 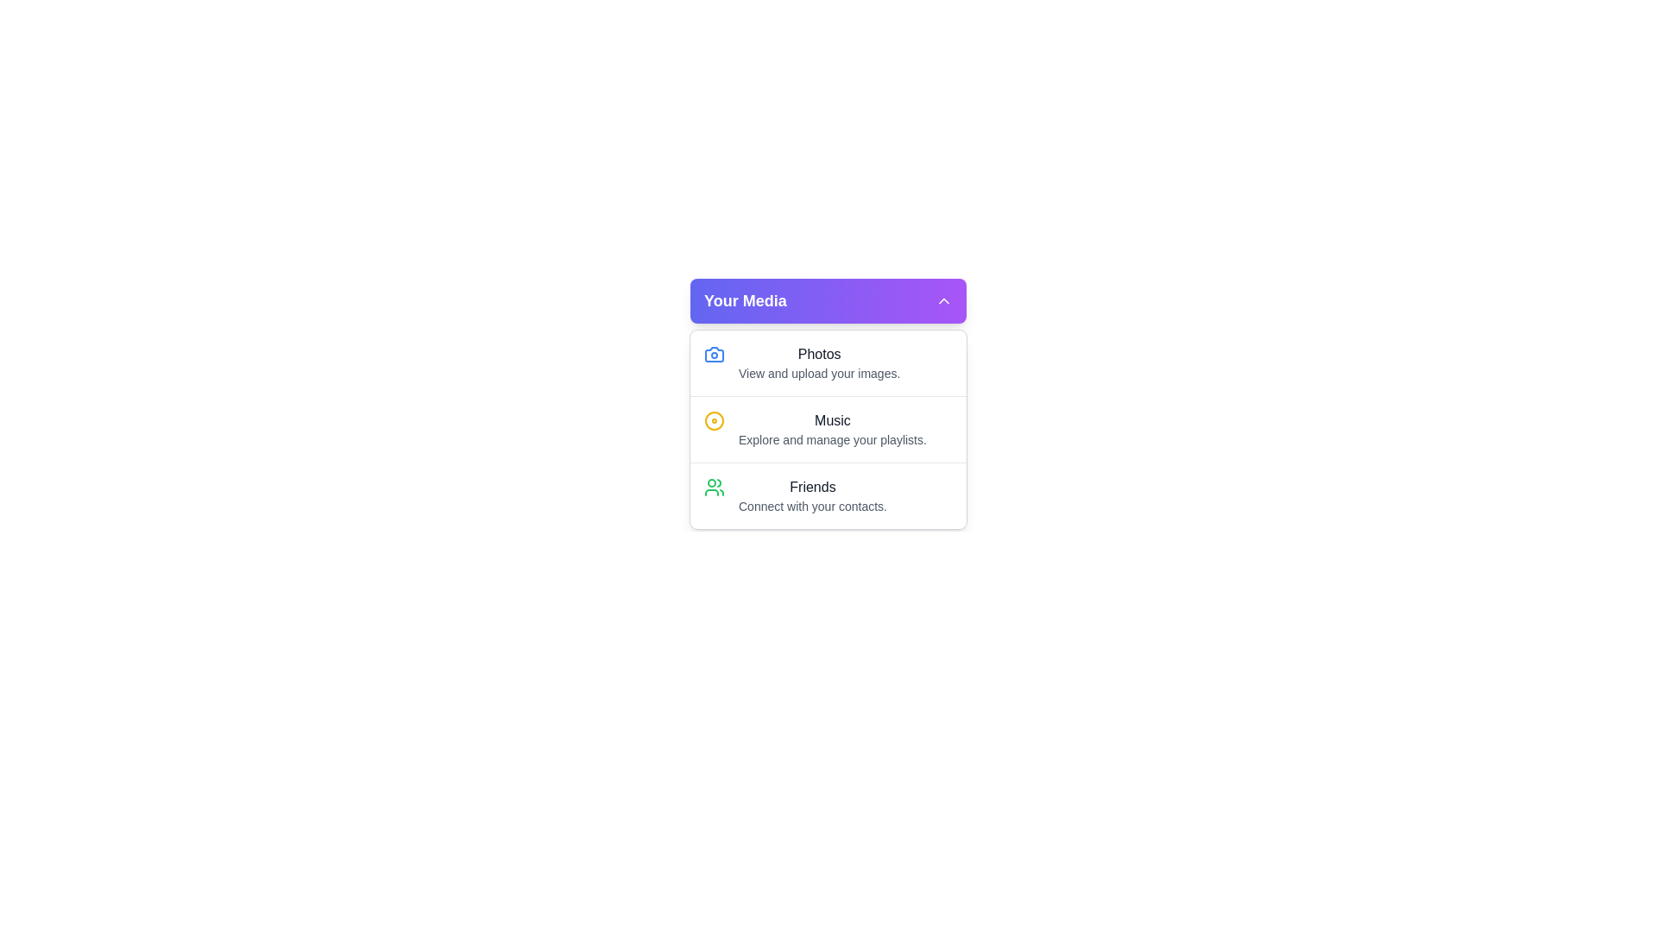 What do you see at coordinates (832, 421) in the screenshot?
I see `the title text label of the 'Music' section in the media manager interface, which is centrally positioned above the text 'Explore and manage your playlists.'` at bounding box center [832, 421].